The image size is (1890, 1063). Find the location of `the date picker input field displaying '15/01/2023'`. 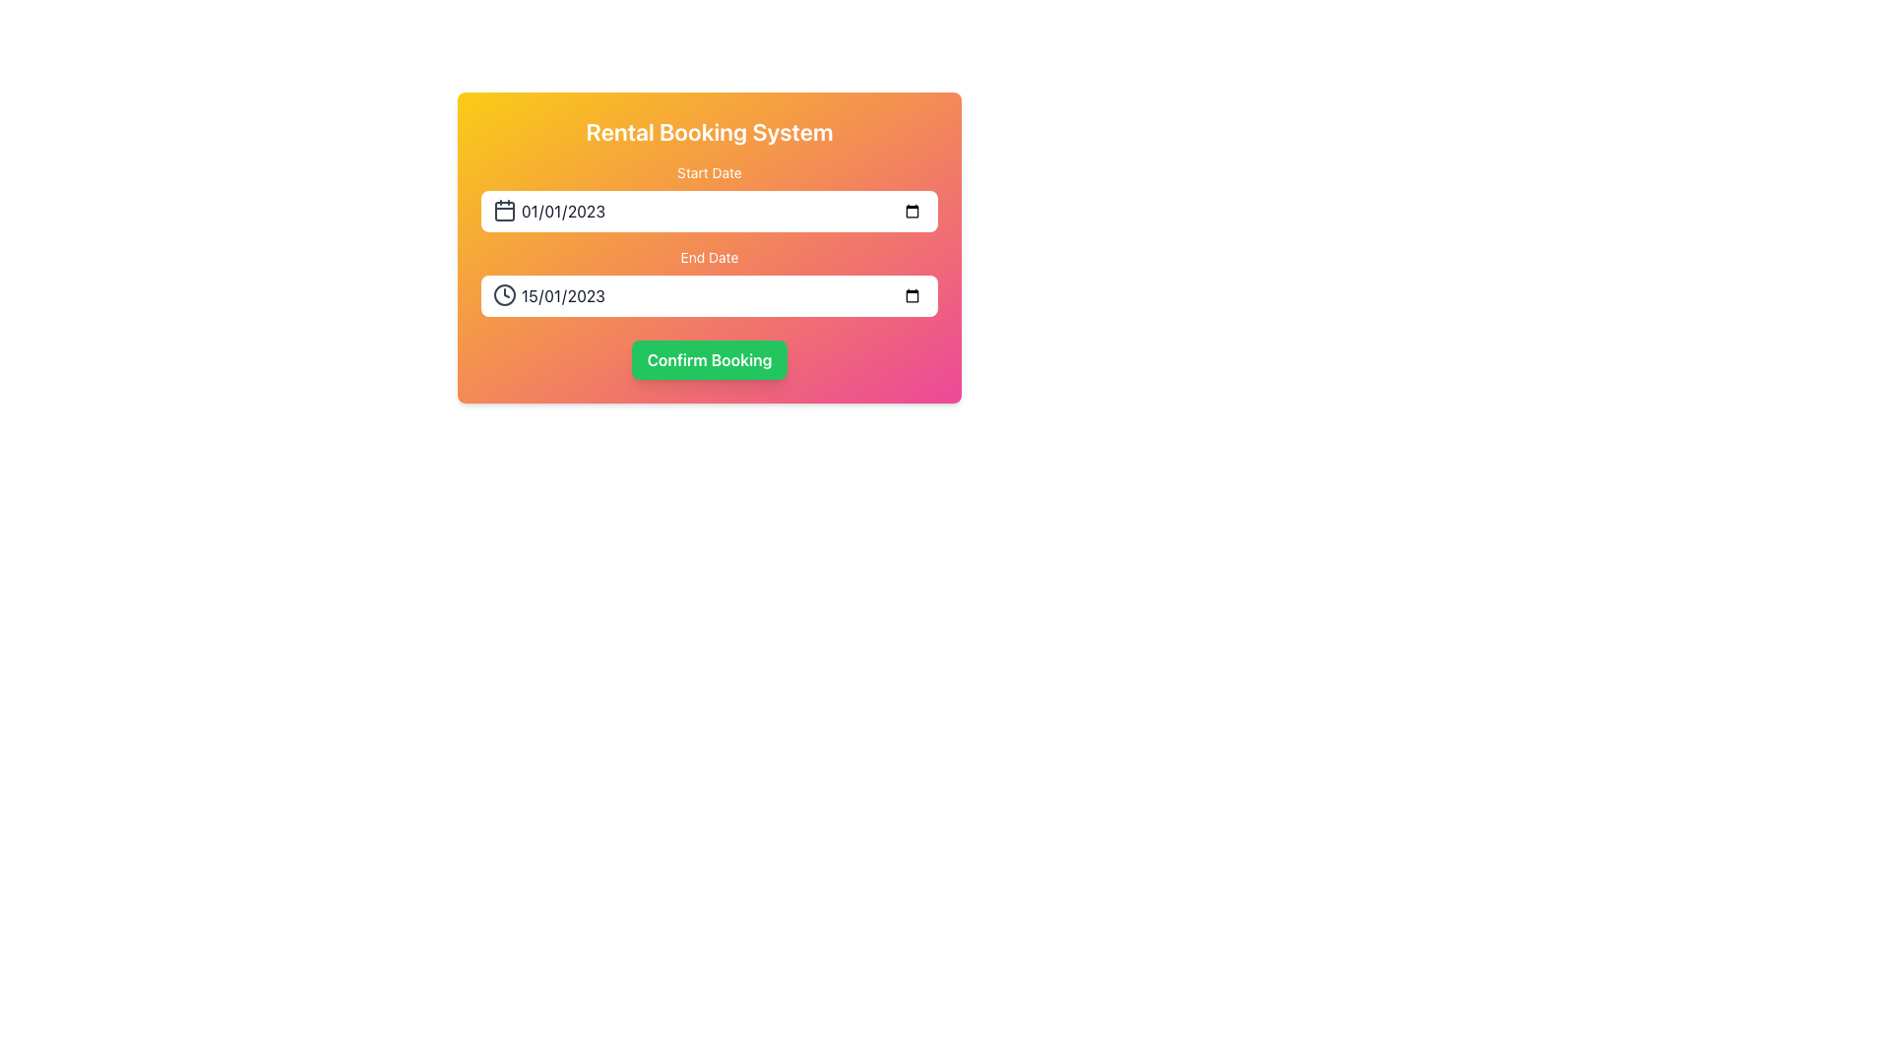

the date picker input field displaying '15/01/2023' is located at coordinates (709, 295).